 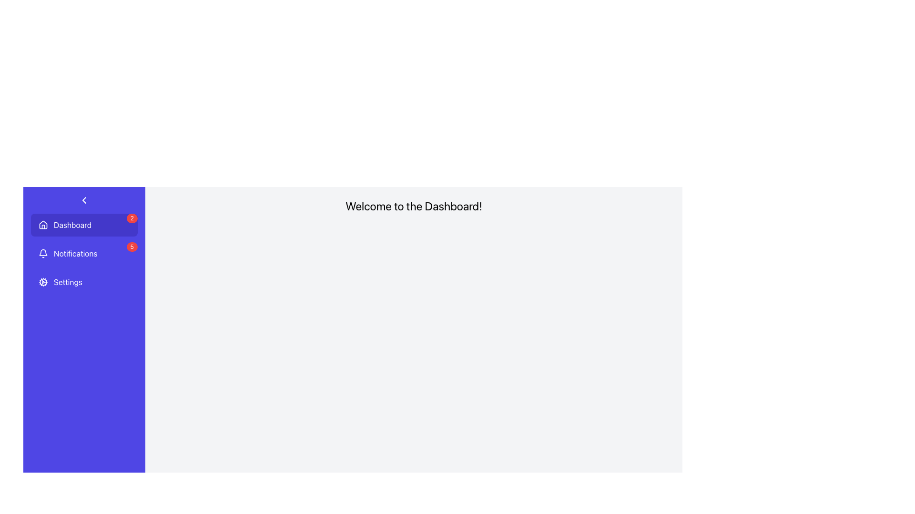 What do you see at coordinates (84, 199) in the screenshot?
I see `the collapse button located at the top-left corner of the purple sidebar, above the 'Dashboard' section` at bounding box center [84, 199].